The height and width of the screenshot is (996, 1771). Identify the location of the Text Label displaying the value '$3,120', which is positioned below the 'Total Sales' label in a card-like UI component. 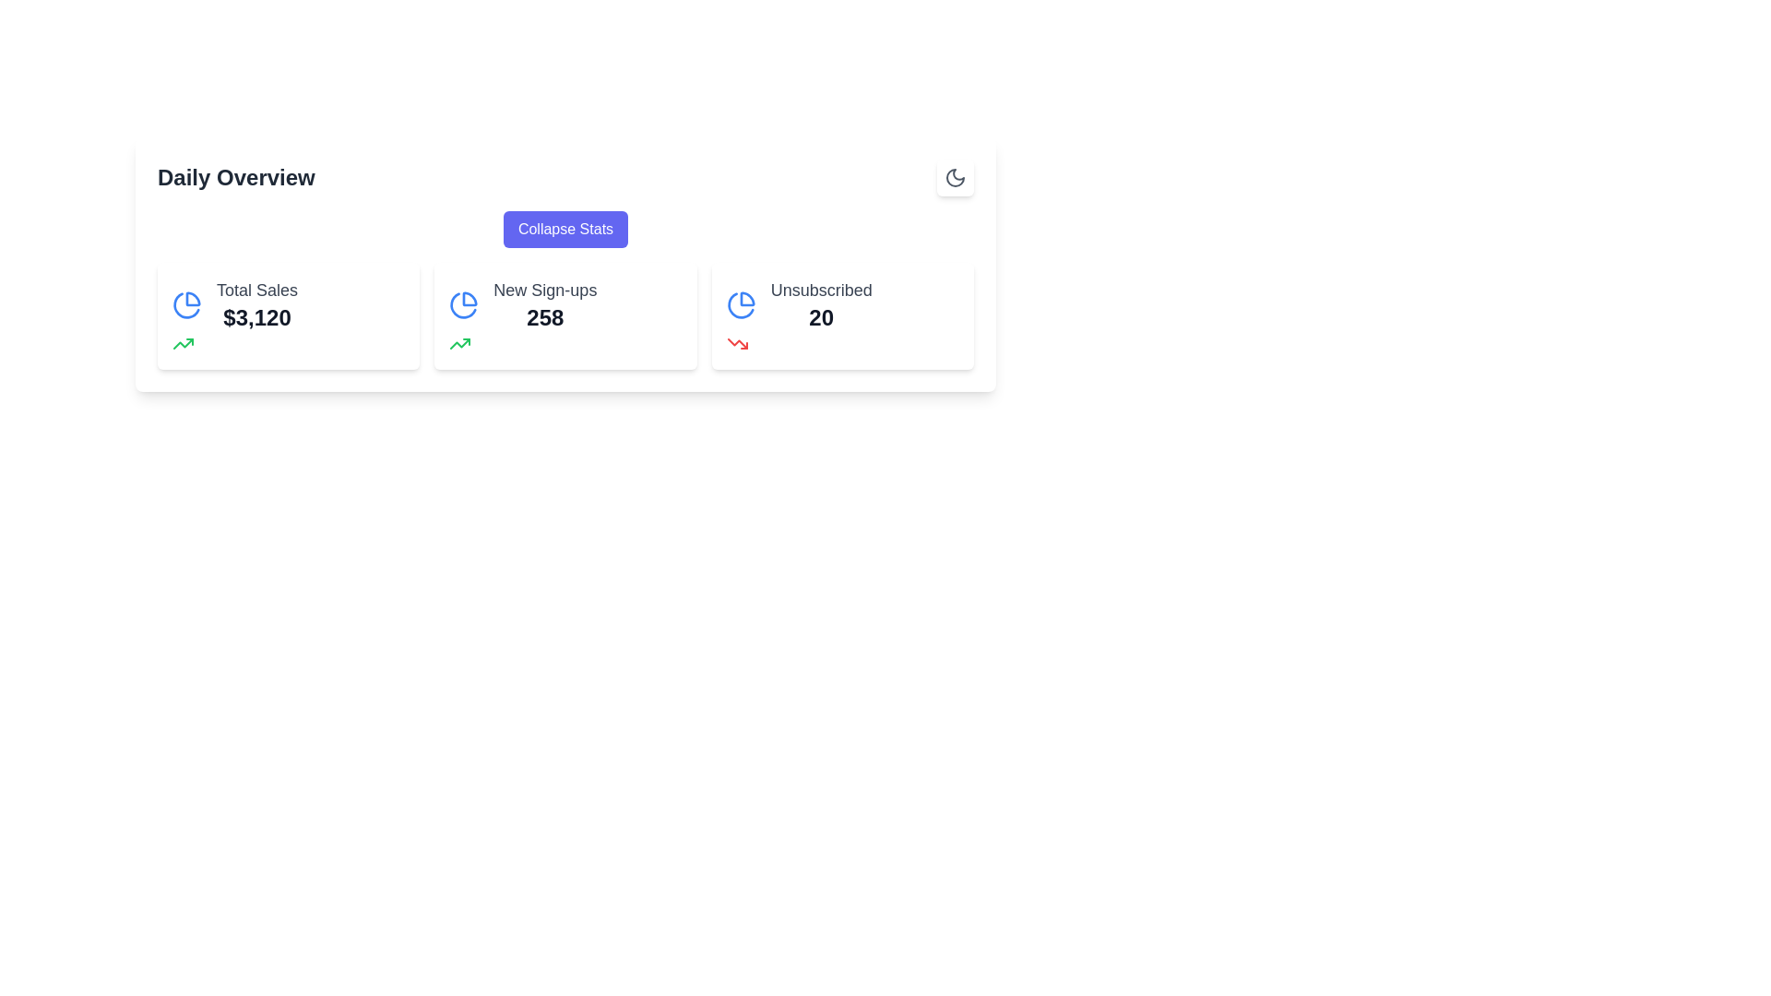
(256, 316).